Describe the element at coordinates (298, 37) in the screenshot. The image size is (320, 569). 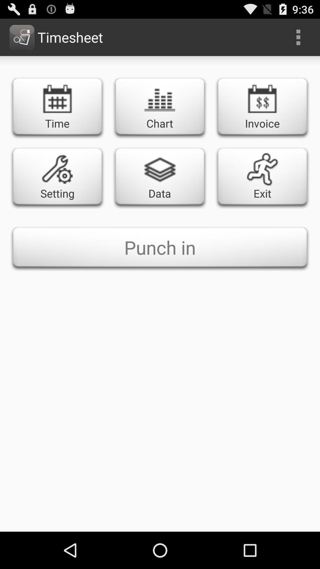
I see `the item to the right of the timesheet item` at that location.